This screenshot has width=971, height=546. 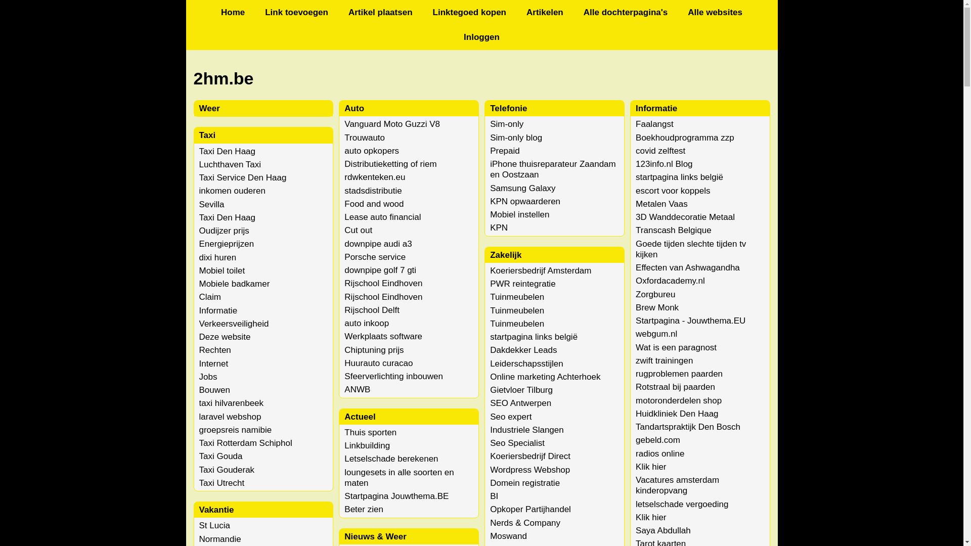 What do you see at coordinates (371, 309) in the screenshot?
I see `'Rijschool Delft'` at bounding box center [371, 309].